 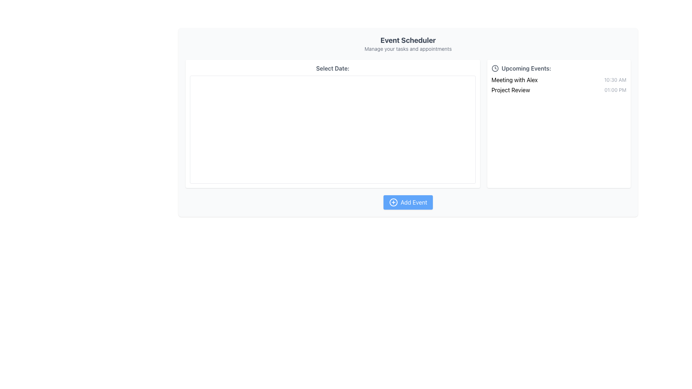 I want to click on the non-interactive Informational display section on the right side of the interface that shows upcoming events, so click(x=558, y=123).